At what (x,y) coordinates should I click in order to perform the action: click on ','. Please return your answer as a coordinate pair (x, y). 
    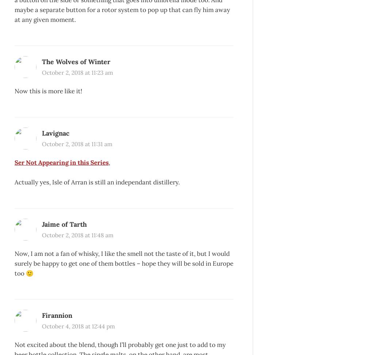
    Looking at the image, I should click on (109, 162).